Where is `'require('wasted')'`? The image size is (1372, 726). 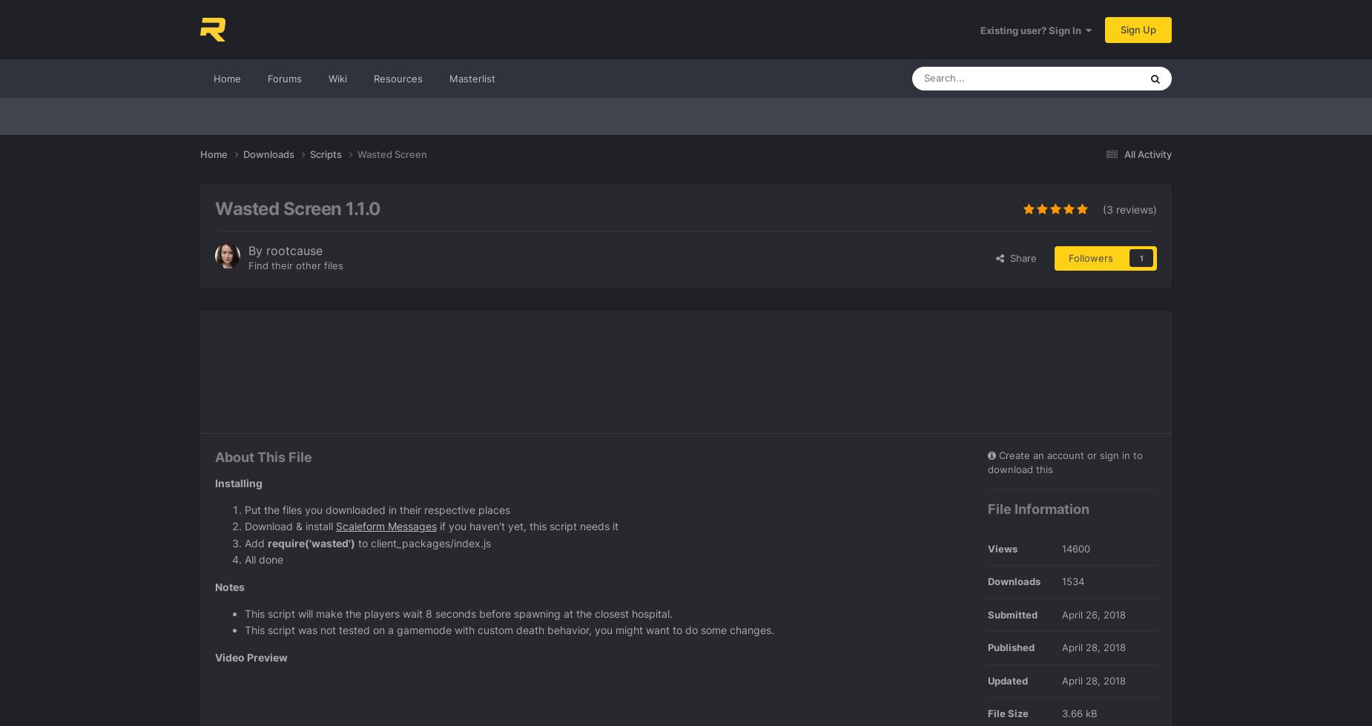
'require('wasted')' is located at coordinates (310, 541).